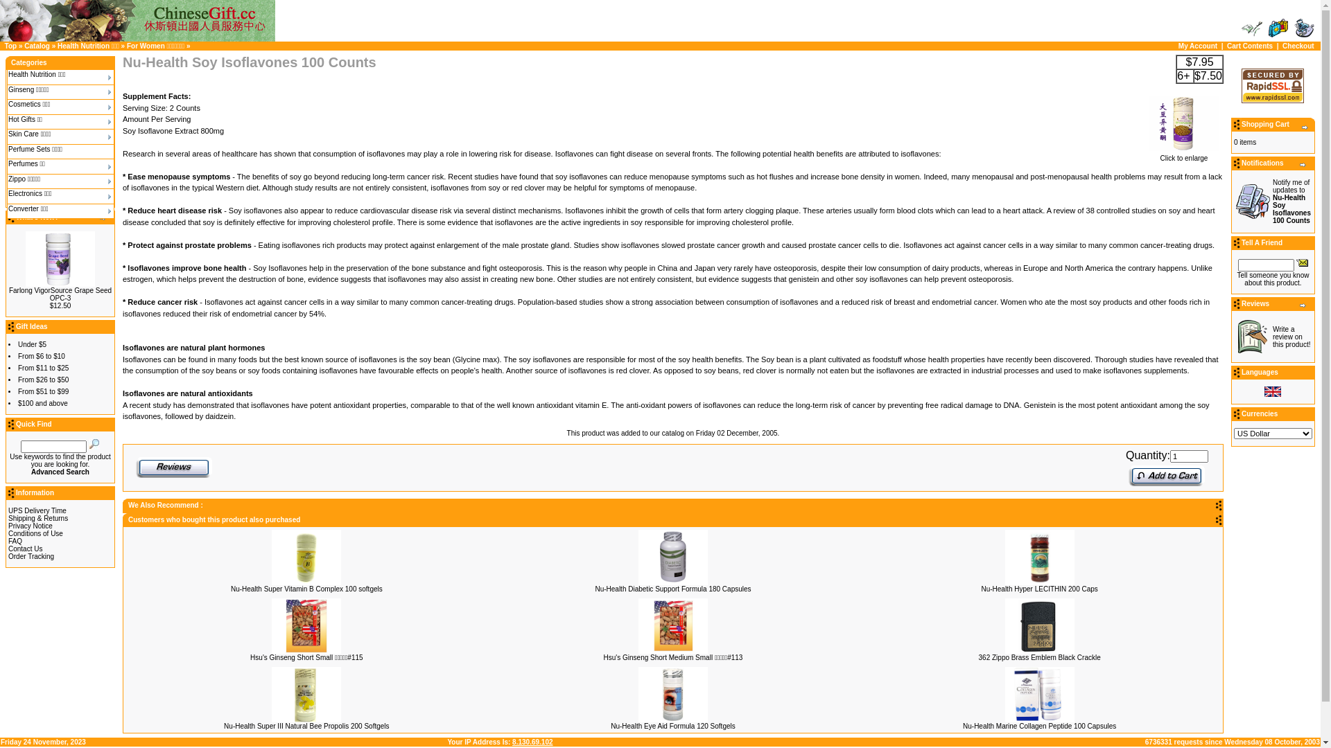 This screenshot has width=1331, height=748. I want to click on ' Reviews ', so click(173, 467).